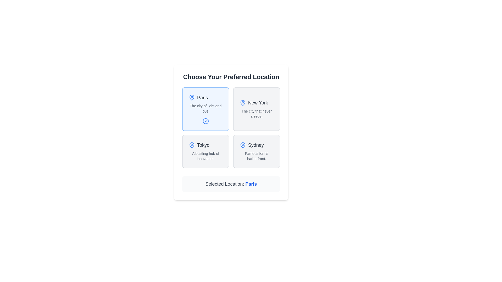 The width and height of the screenshot is (502, 282). I want to click on the Text label providing additional descriptive information about the location 'New York', so click(256, 113).